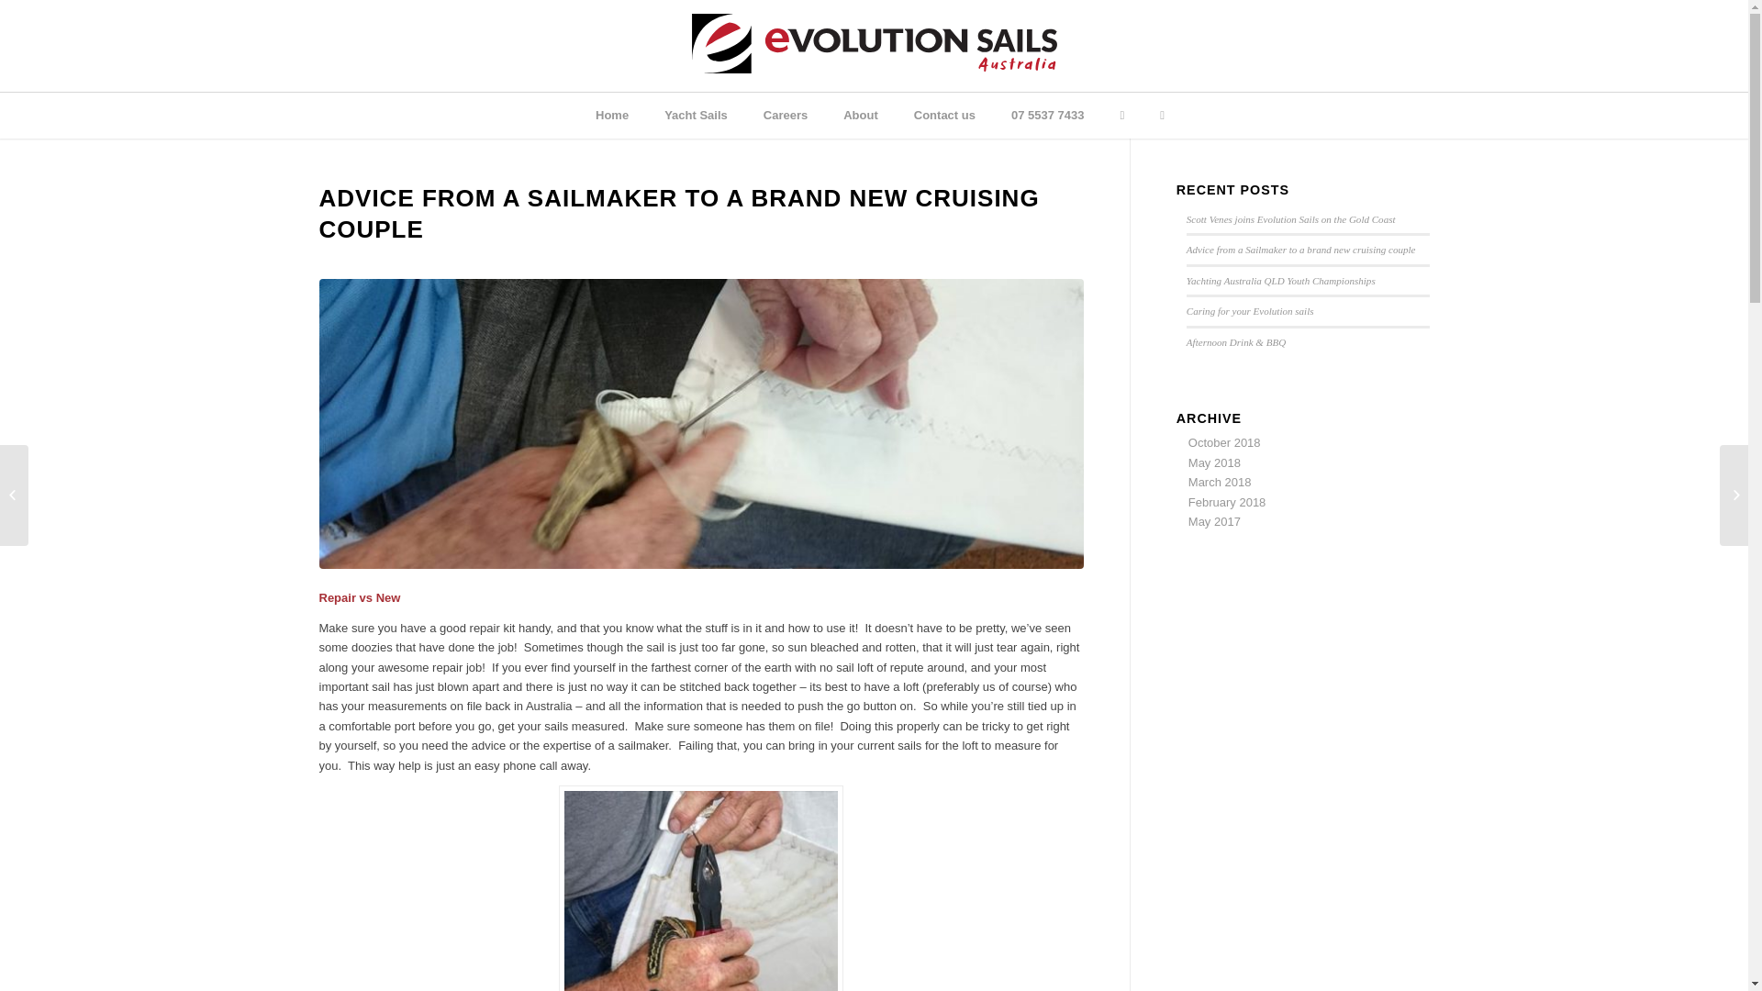 This screenshot has width=1762, height=991. Describe the element at coordinates (902, 116) in the screenshot. I see `'Contact us'` at that location.